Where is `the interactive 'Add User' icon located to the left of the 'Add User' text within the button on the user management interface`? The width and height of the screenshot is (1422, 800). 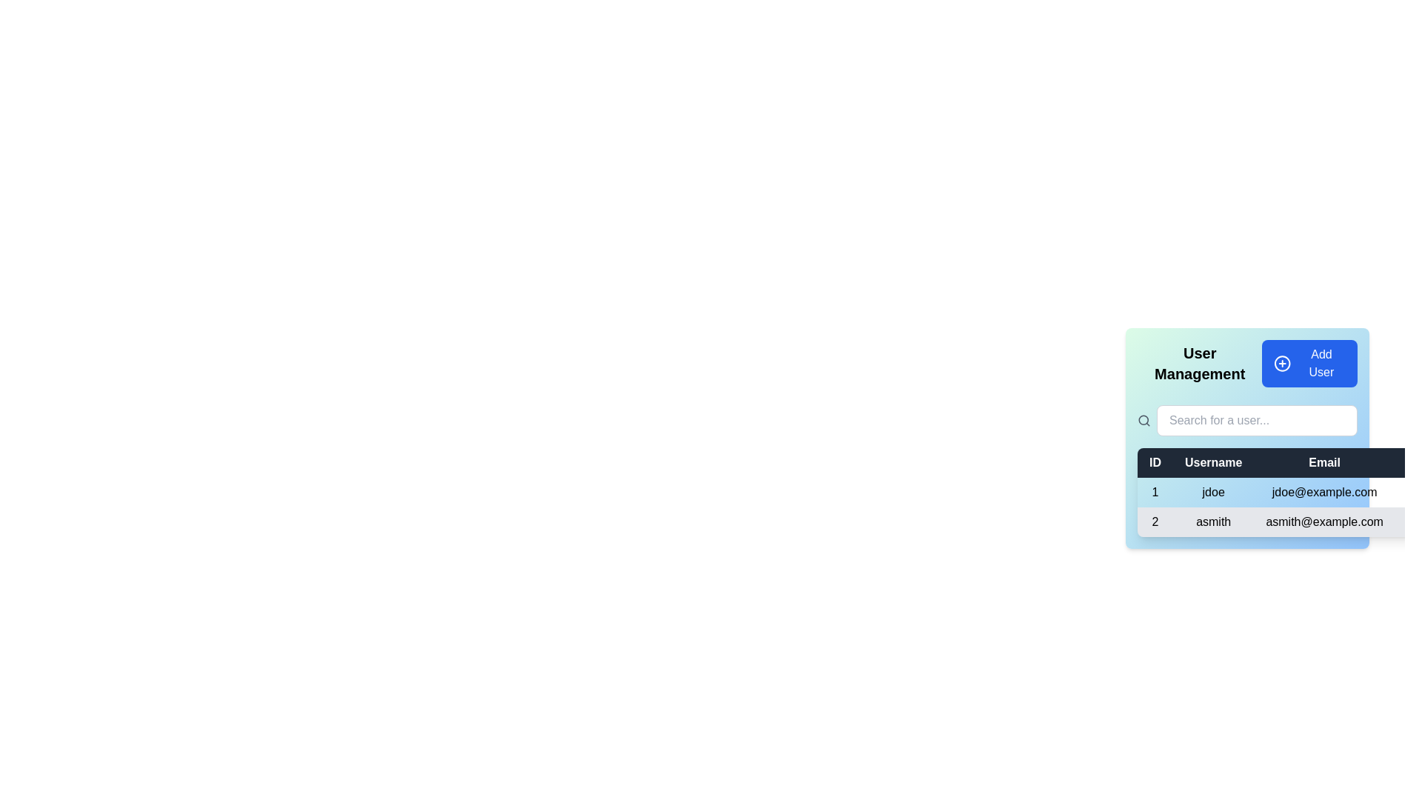
the interactive 'Add User' icon located to the left of the 'Add User' text within the button on the user management interface is located at coordinates (1282, 363).